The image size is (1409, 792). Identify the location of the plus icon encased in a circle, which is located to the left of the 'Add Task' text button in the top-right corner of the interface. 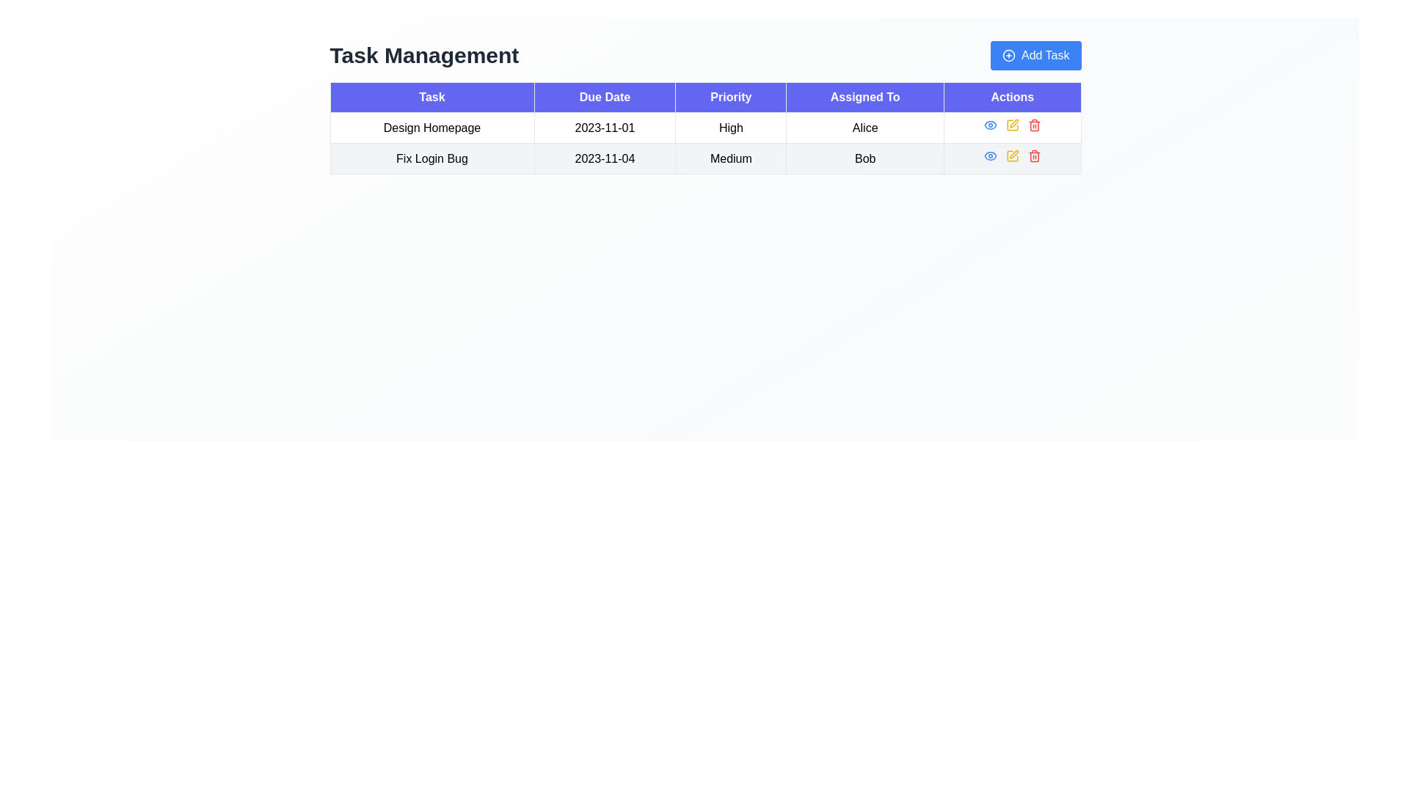
(1008, 55).